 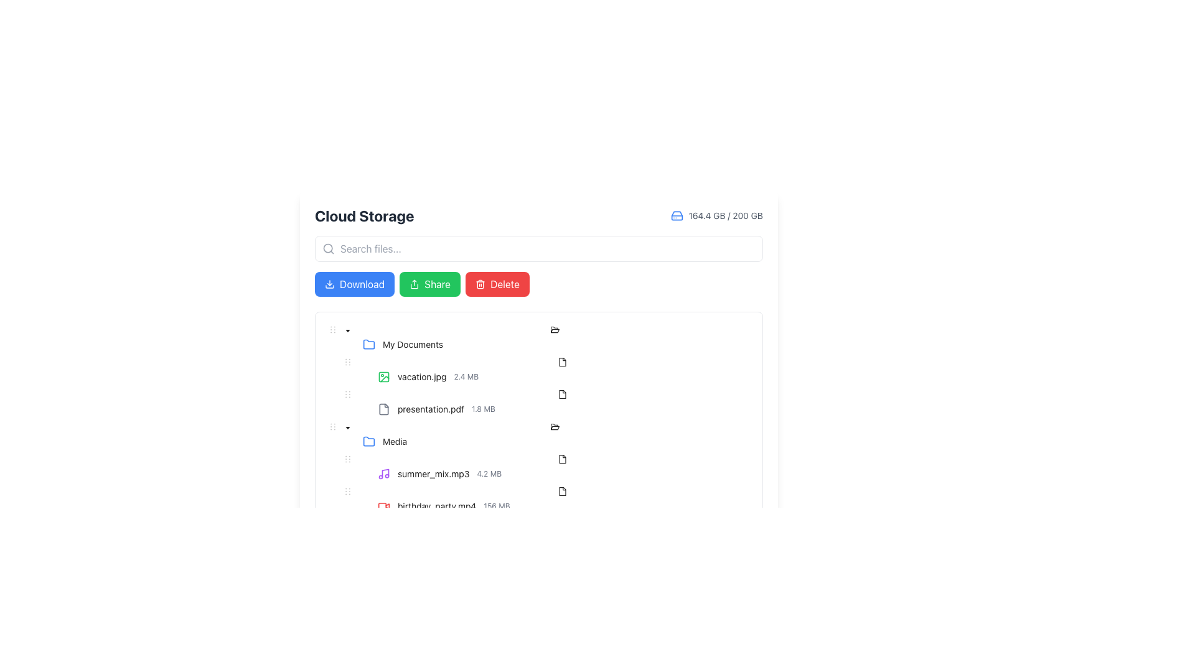 What do you see at coordinates (329, 284) in the screenshot?
I see `the small downward-pointing arrow icon located to the left of the 'Download' button in the header section of the application` at bounding box center [329, 284].